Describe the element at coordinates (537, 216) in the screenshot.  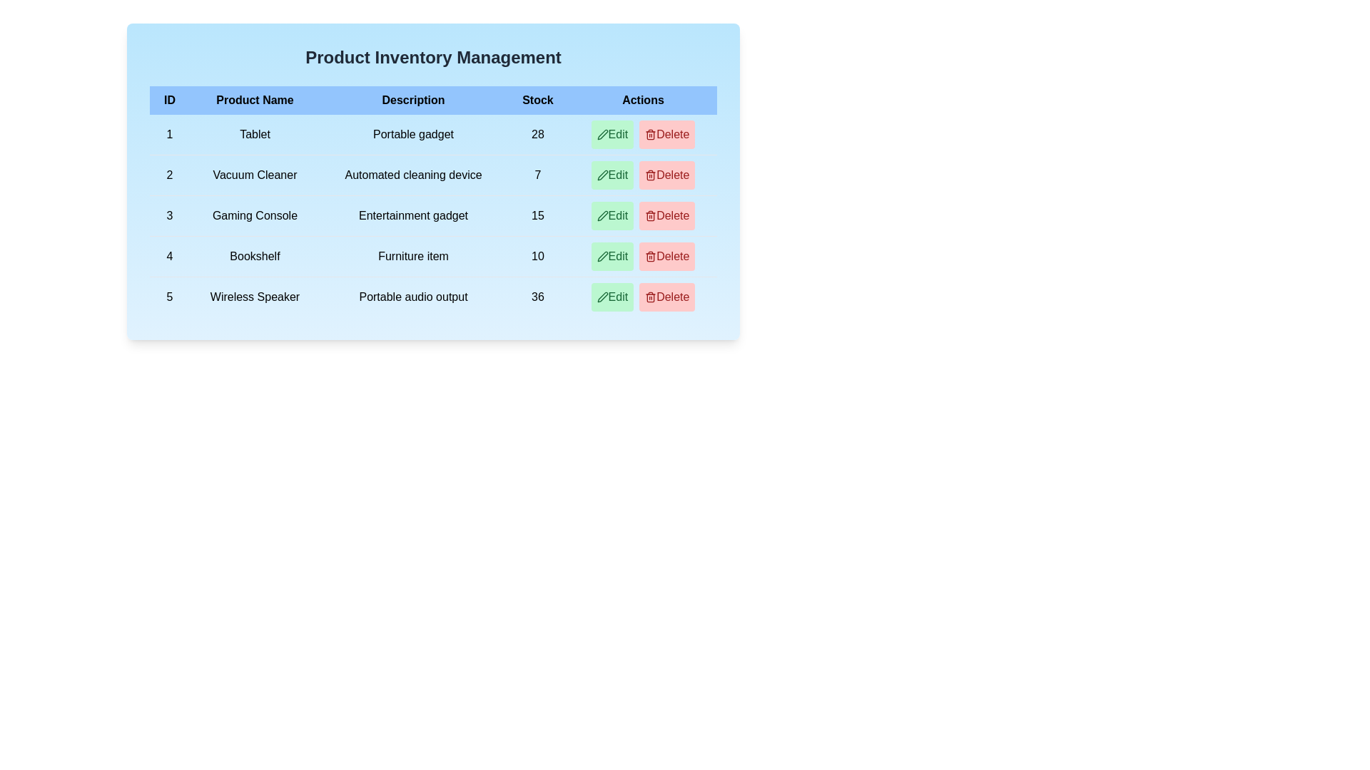
I see `the non-interactive text display that shows the stock quantity for the product 'Gaming Console' located in the 'Stock' column of the third row in the table` at that location.